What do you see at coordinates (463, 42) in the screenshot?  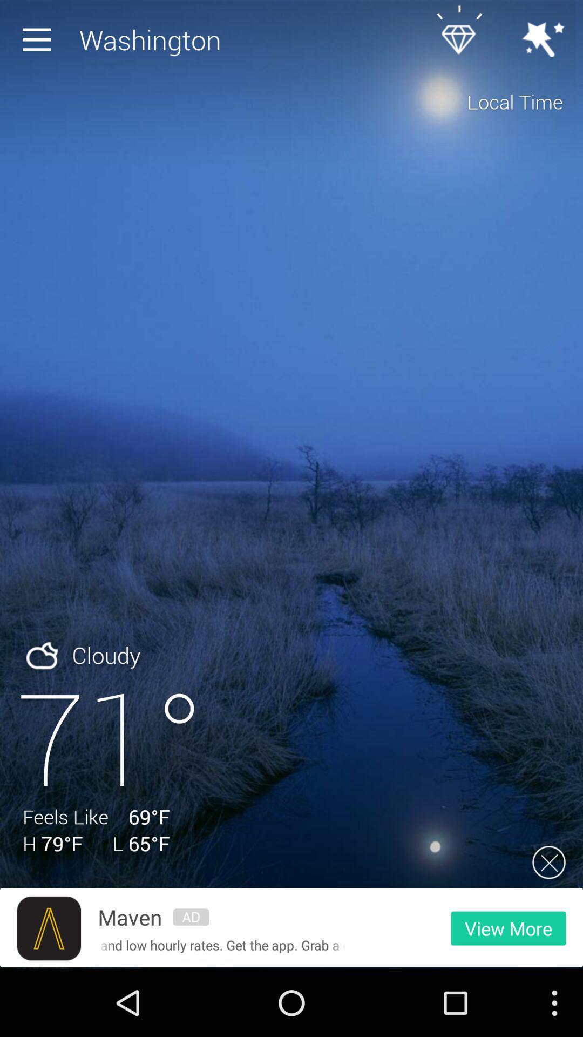 I see `the favorite icon` at bounding box center [463, 42].